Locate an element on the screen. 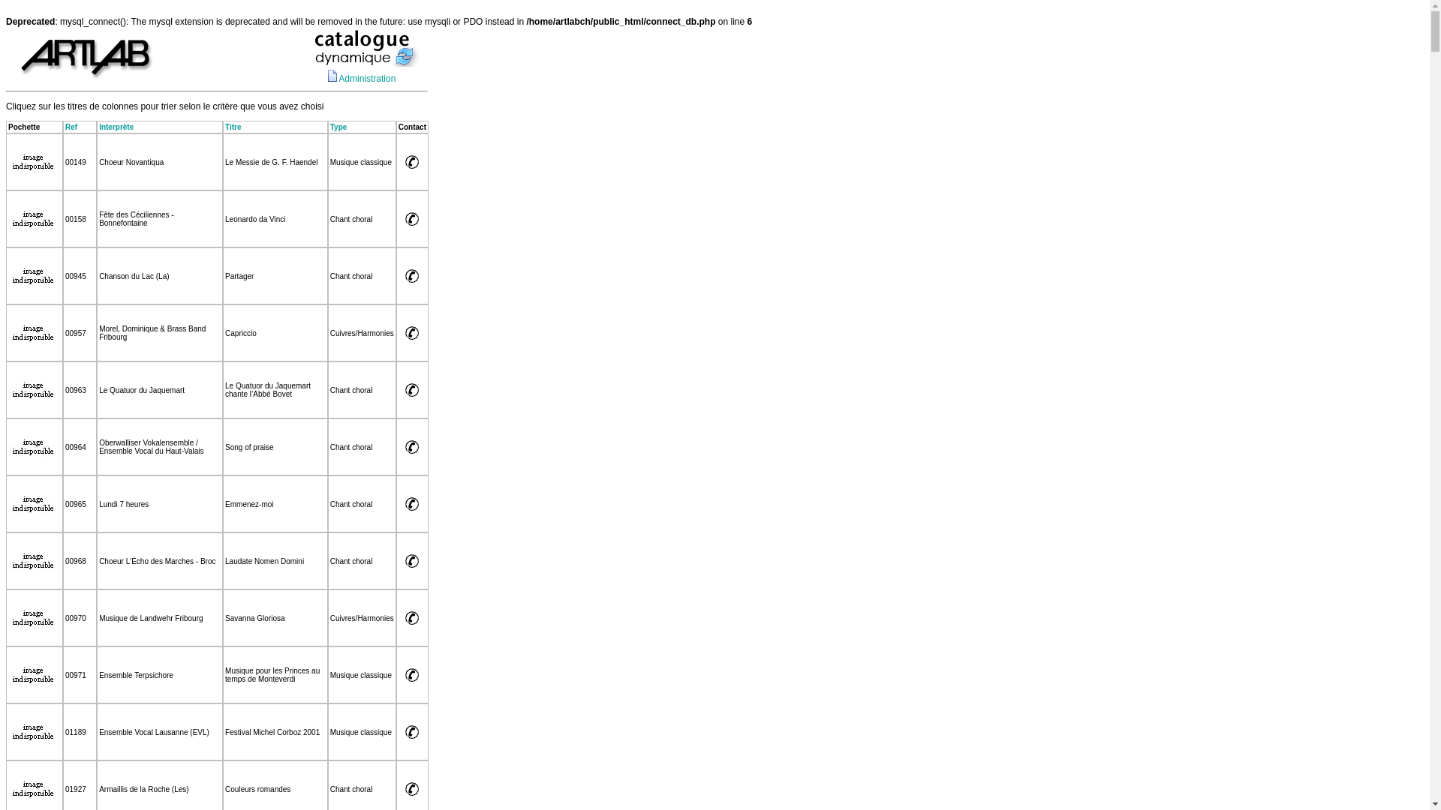  'Administration' is located at coordinates (367, 78).